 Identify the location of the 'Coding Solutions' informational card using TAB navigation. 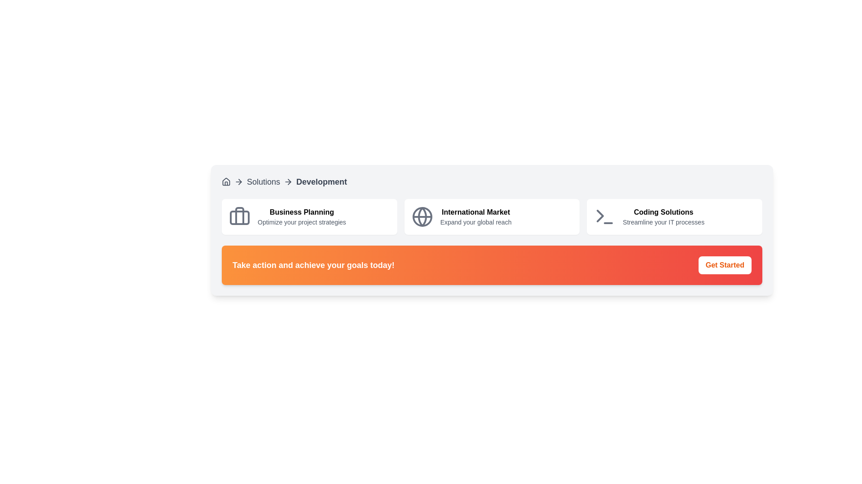
(664, 216).